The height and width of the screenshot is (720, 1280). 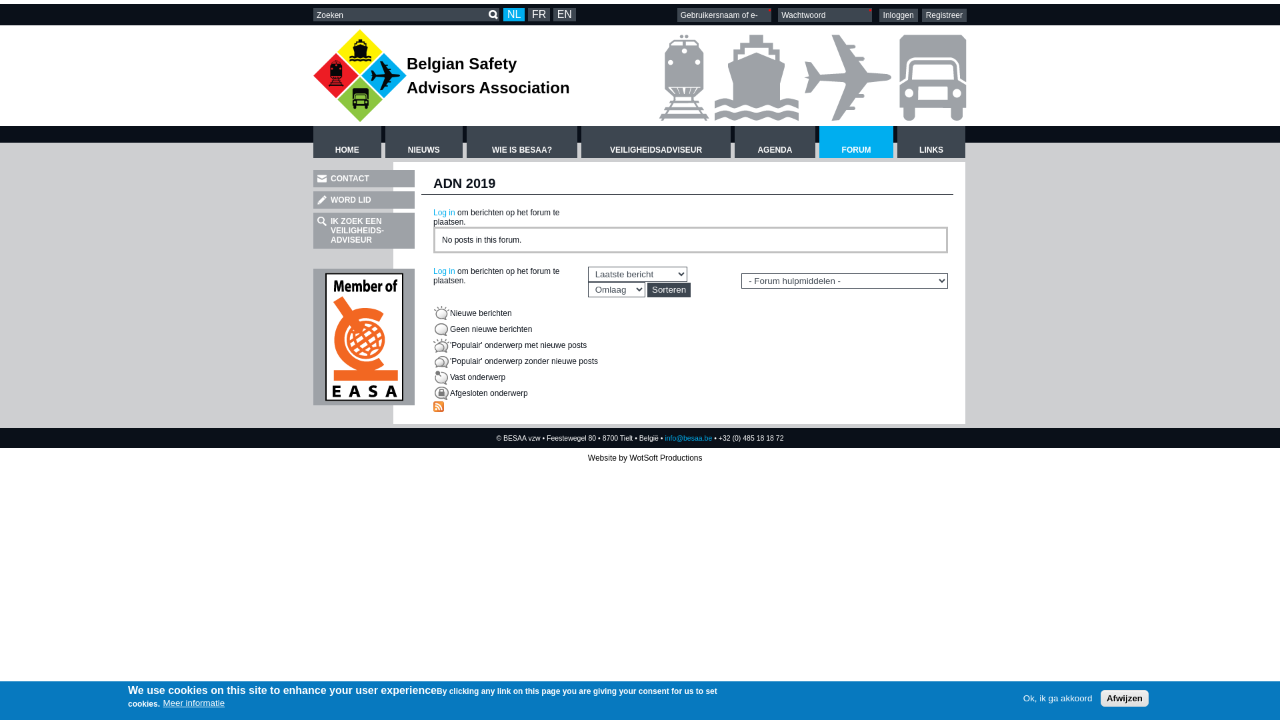 I want to click on 'EN', so click(x=564, y=15).